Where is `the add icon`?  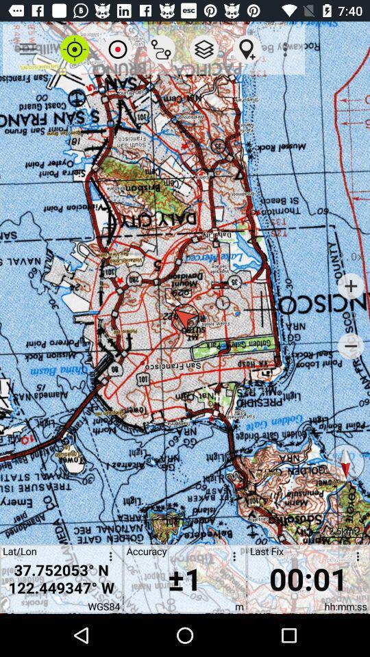
the add icon is located at coordinates (351, 285).